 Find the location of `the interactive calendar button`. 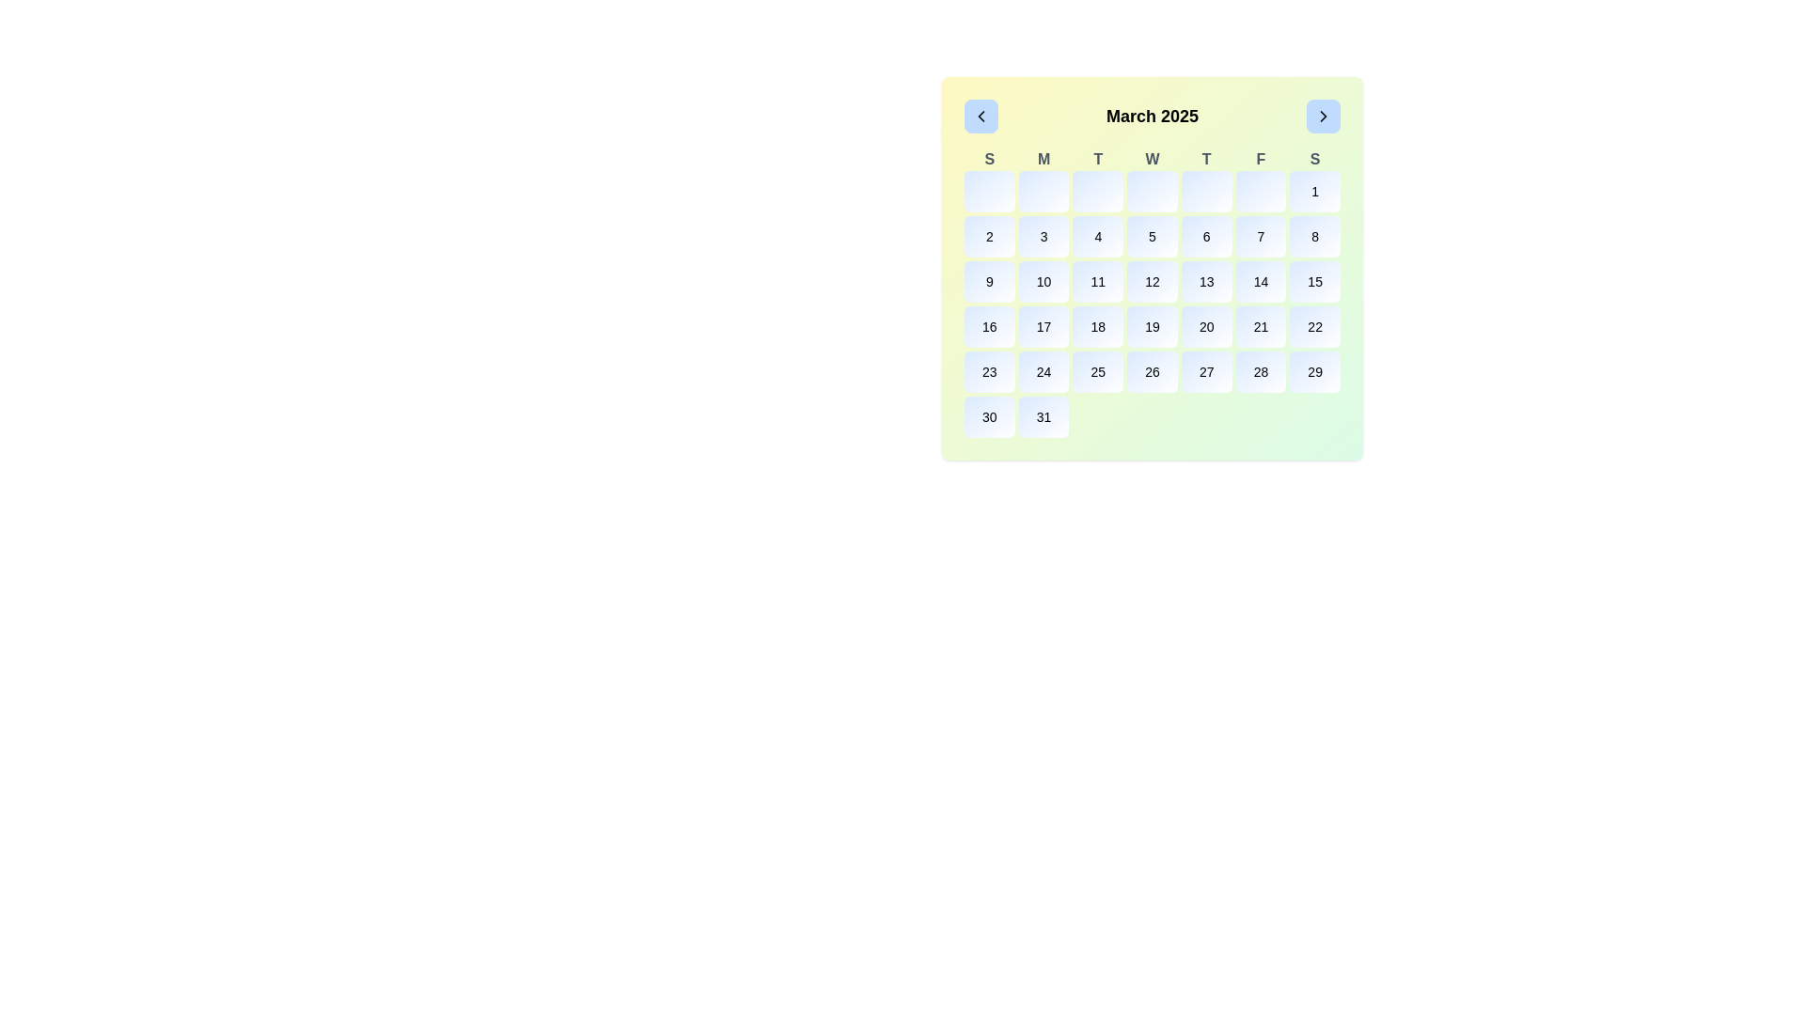

the interactive calendar button is located at coordinates (1261, 192).